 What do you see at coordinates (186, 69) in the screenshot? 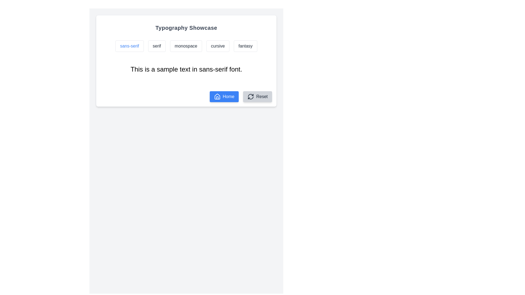
I see `the text block that displays a sample text in sans-serif font, positioned below the interactive buttons and above the Home and Reset buttons` at bounding box center [186, 69].